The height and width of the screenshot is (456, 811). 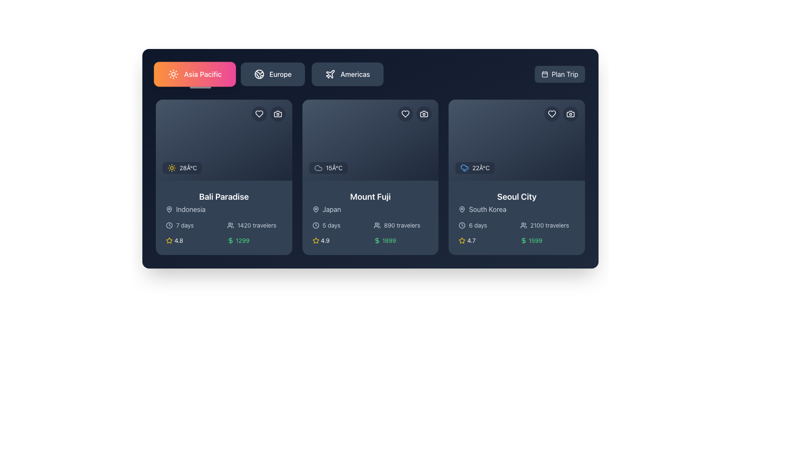 What do you see at coordinates (259, 114) in the screenshot?
I see `the heart-shaped icon with a dark background and white outline located in the top-right corner of the 'Bali Paradise' card` at bounding box center [259, 114].